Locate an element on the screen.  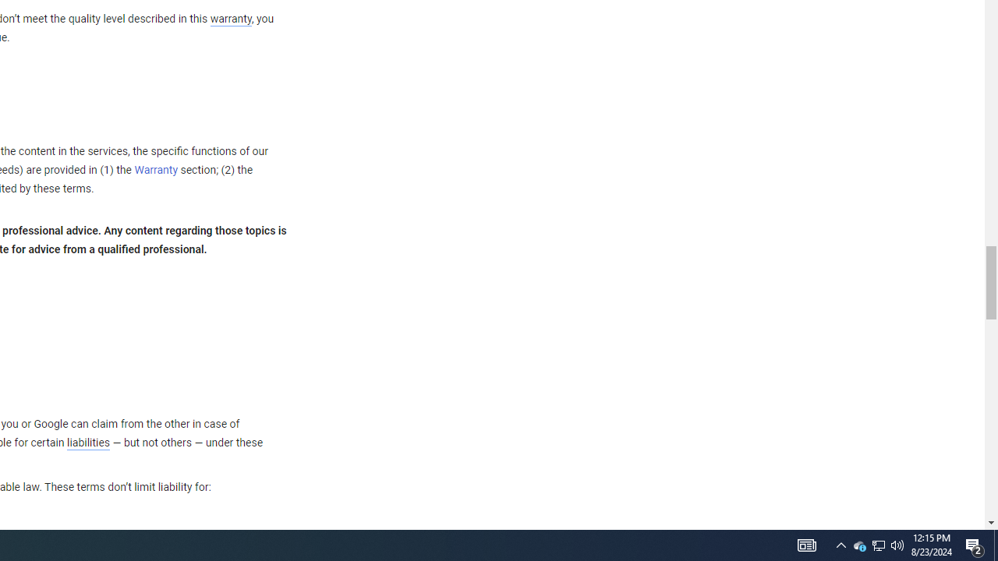
'Warranty' is located at coordinates (156, 171).